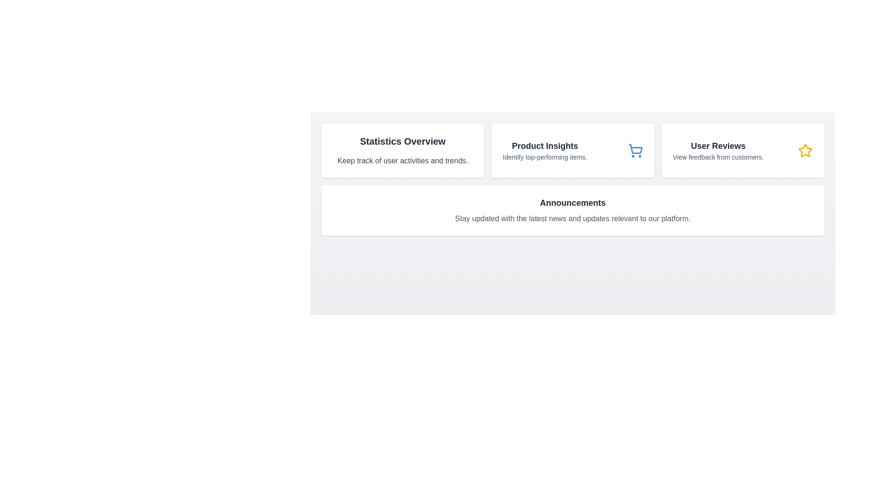  Describe the element at coordinates (545, 156) in the screenshot. I see `the static text element that describes the purpose of the 'Product Insights' section, located centrally beneath the header in the second column of the top row` at that location.